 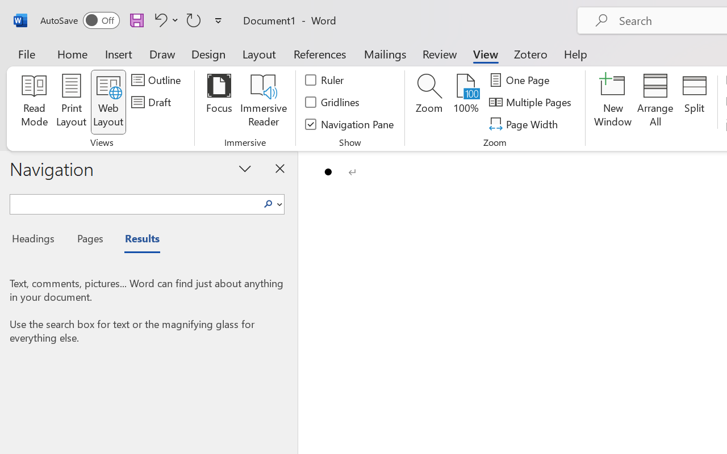 I want to click on 'Navigation Pane', so click(x=349, y=124).